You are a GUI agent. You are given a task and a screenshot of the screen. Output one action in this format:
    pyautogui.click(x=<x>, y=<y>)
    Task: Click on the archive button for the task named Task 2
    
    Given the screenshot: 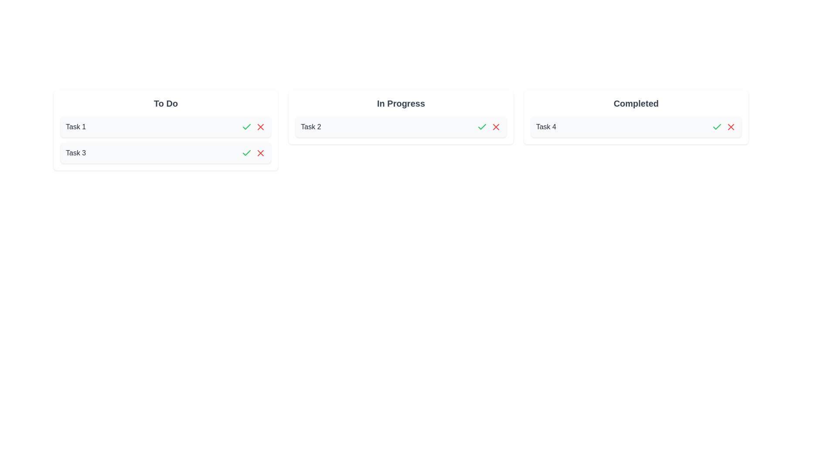 What is the action you would take?
    pyautogui.click(x=496, y=127)
    